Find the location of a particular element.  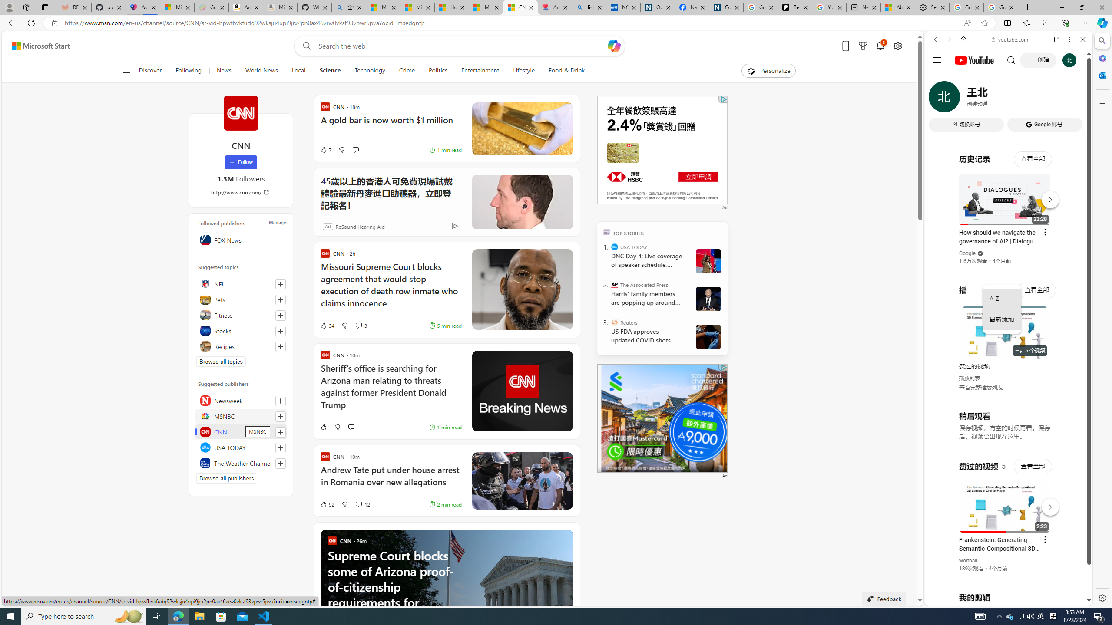

'Newsweek' is located at coordinates (241, 400).